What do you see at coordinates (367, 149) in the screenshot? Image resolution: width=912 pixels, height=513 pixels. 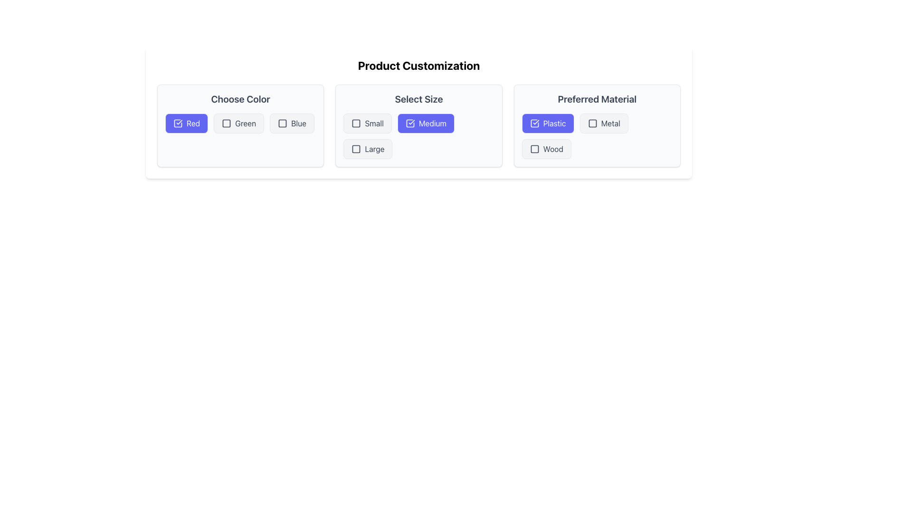 I see `the unchecked square checkbox labeled 'Large' in the 'Select Size' section of the 'Product Customization' grid layout` at bounding box center [367, 149].